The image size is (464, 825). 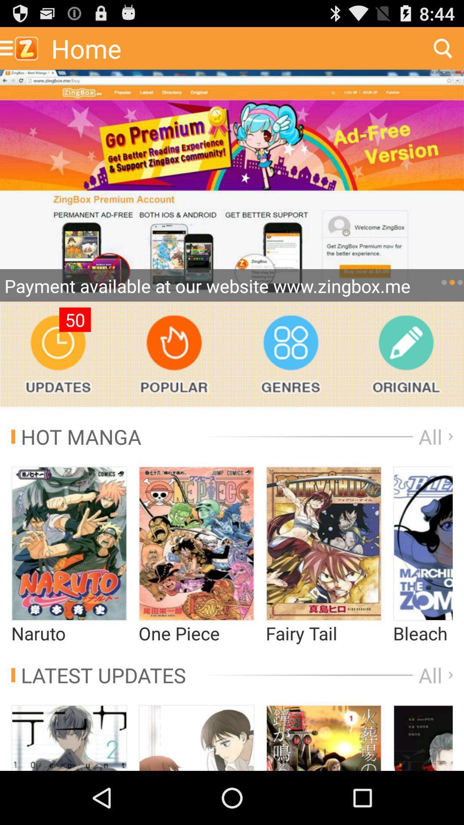 I want to click on latest updates app, so click(x=98, y=675).